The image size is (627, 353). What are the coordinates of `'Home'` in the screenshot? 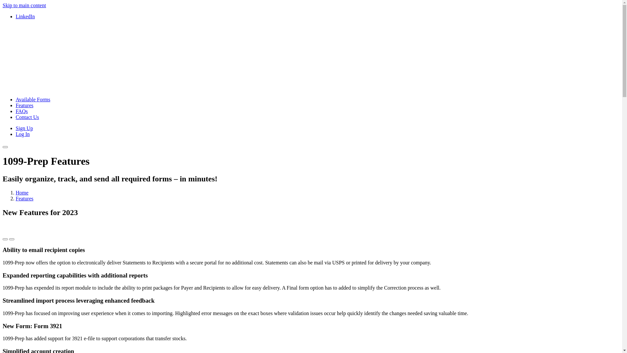 It's located at (16, 192).